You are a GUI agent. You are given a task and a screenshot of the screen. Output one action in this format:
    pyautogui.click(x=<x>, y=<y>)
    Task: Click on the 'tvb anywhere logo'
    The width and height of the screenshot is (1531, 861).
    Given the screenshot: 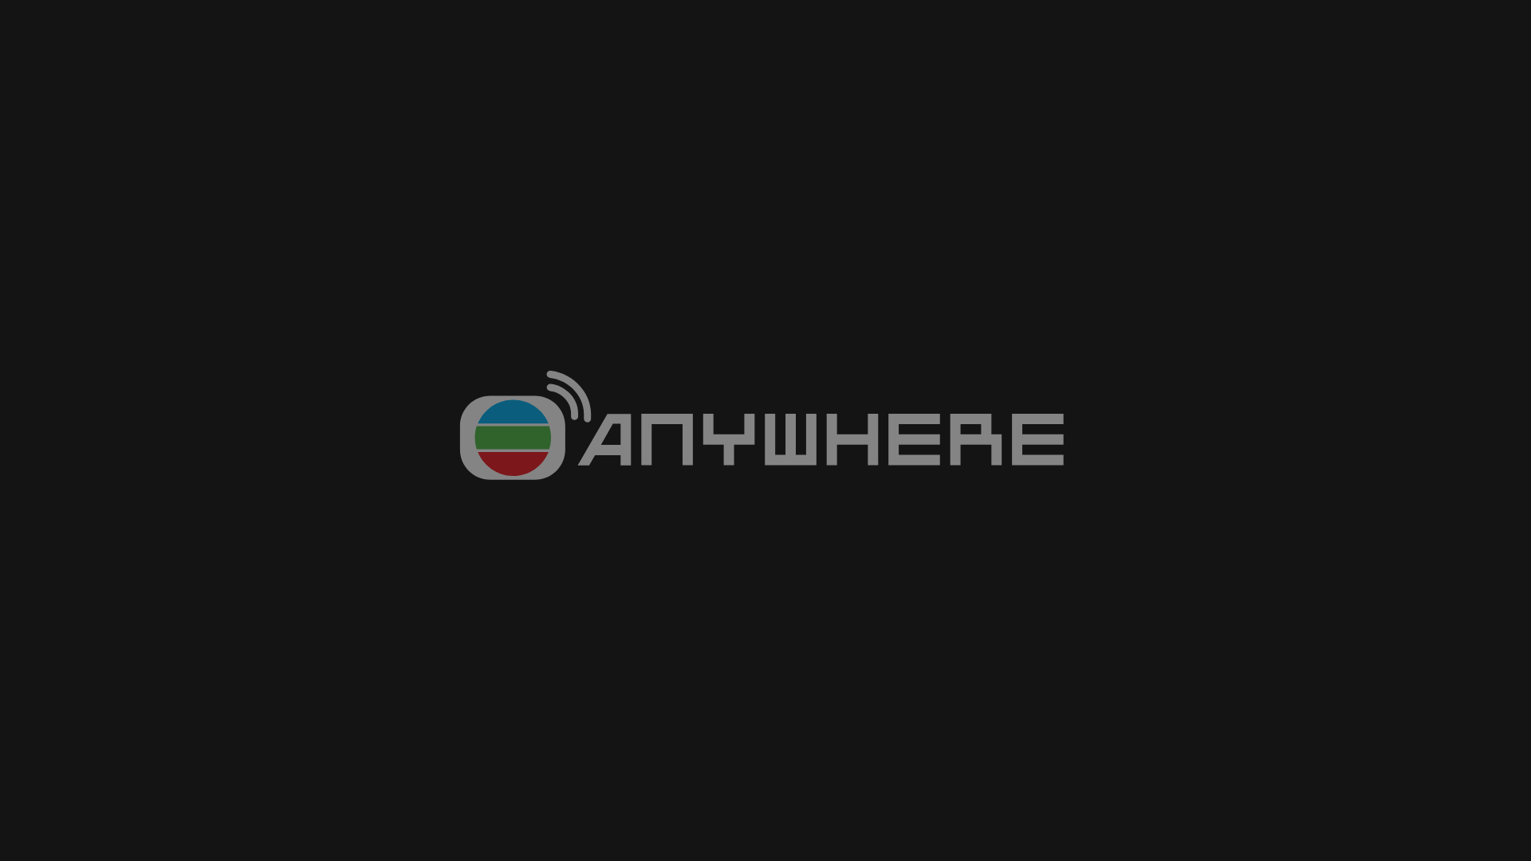 What is the action you would take?
    pyautogui.click(x=765, y=431)
    